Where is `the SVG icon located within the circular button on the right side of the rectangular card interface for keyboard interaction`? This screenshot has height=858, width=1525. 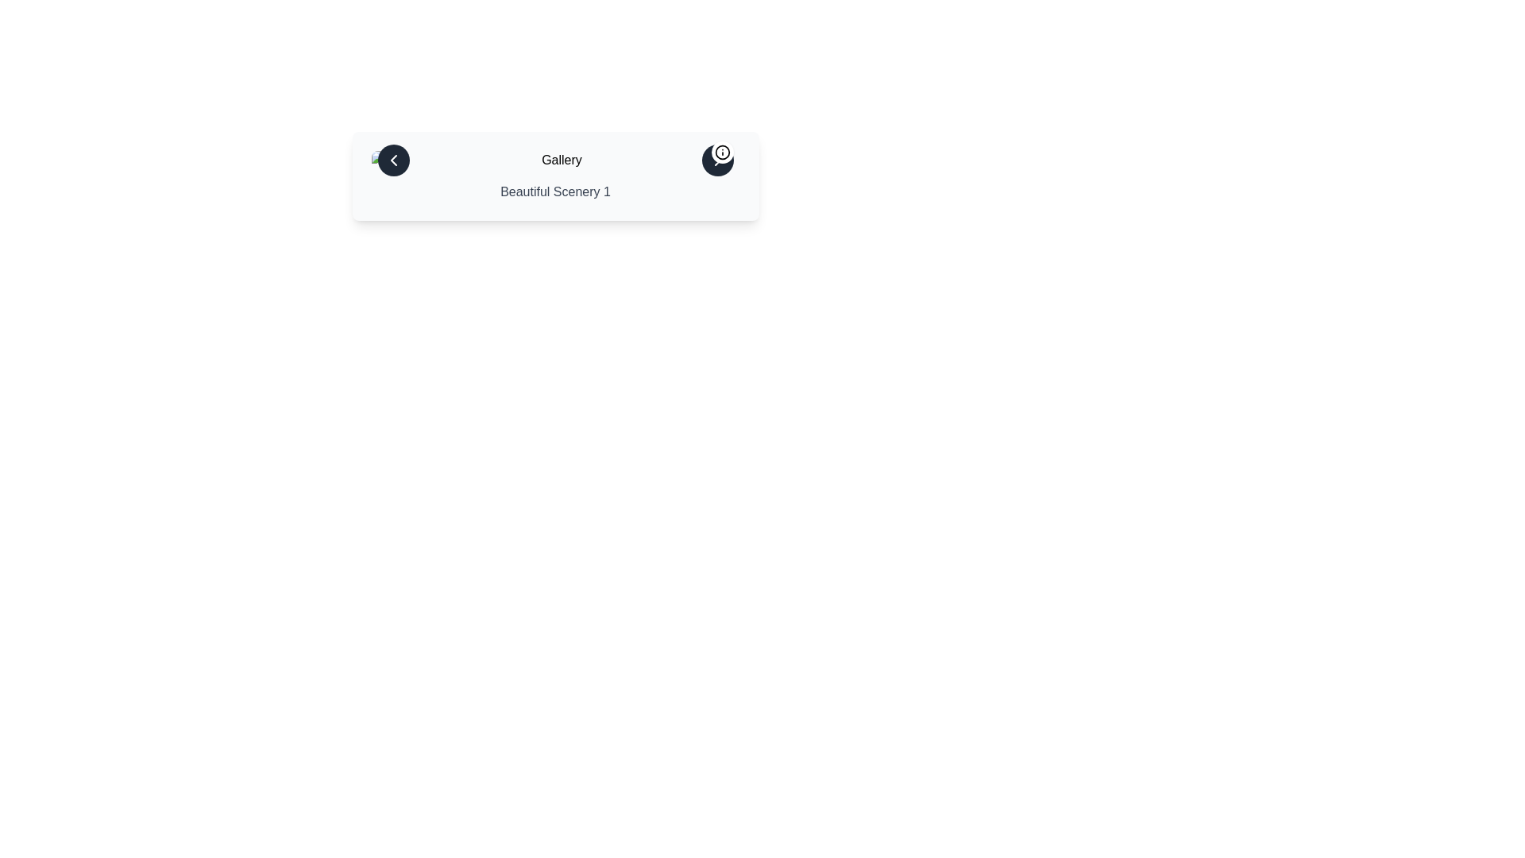 the SVG icon located within the circular button on the right side of the rectangular card interface for keyboard interaction is located at coordinates (716, 160).